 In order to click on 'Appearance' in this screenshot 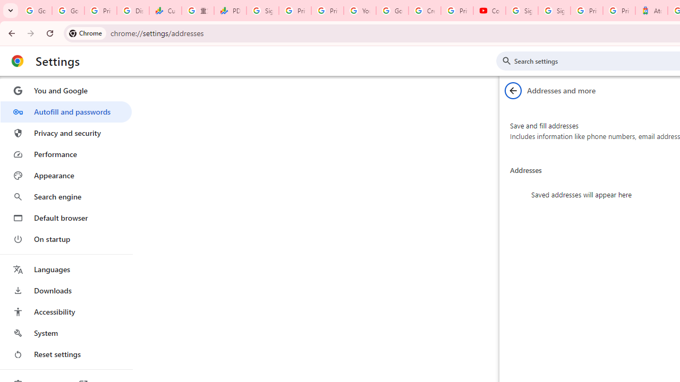, I will do `click(65, 175)`.